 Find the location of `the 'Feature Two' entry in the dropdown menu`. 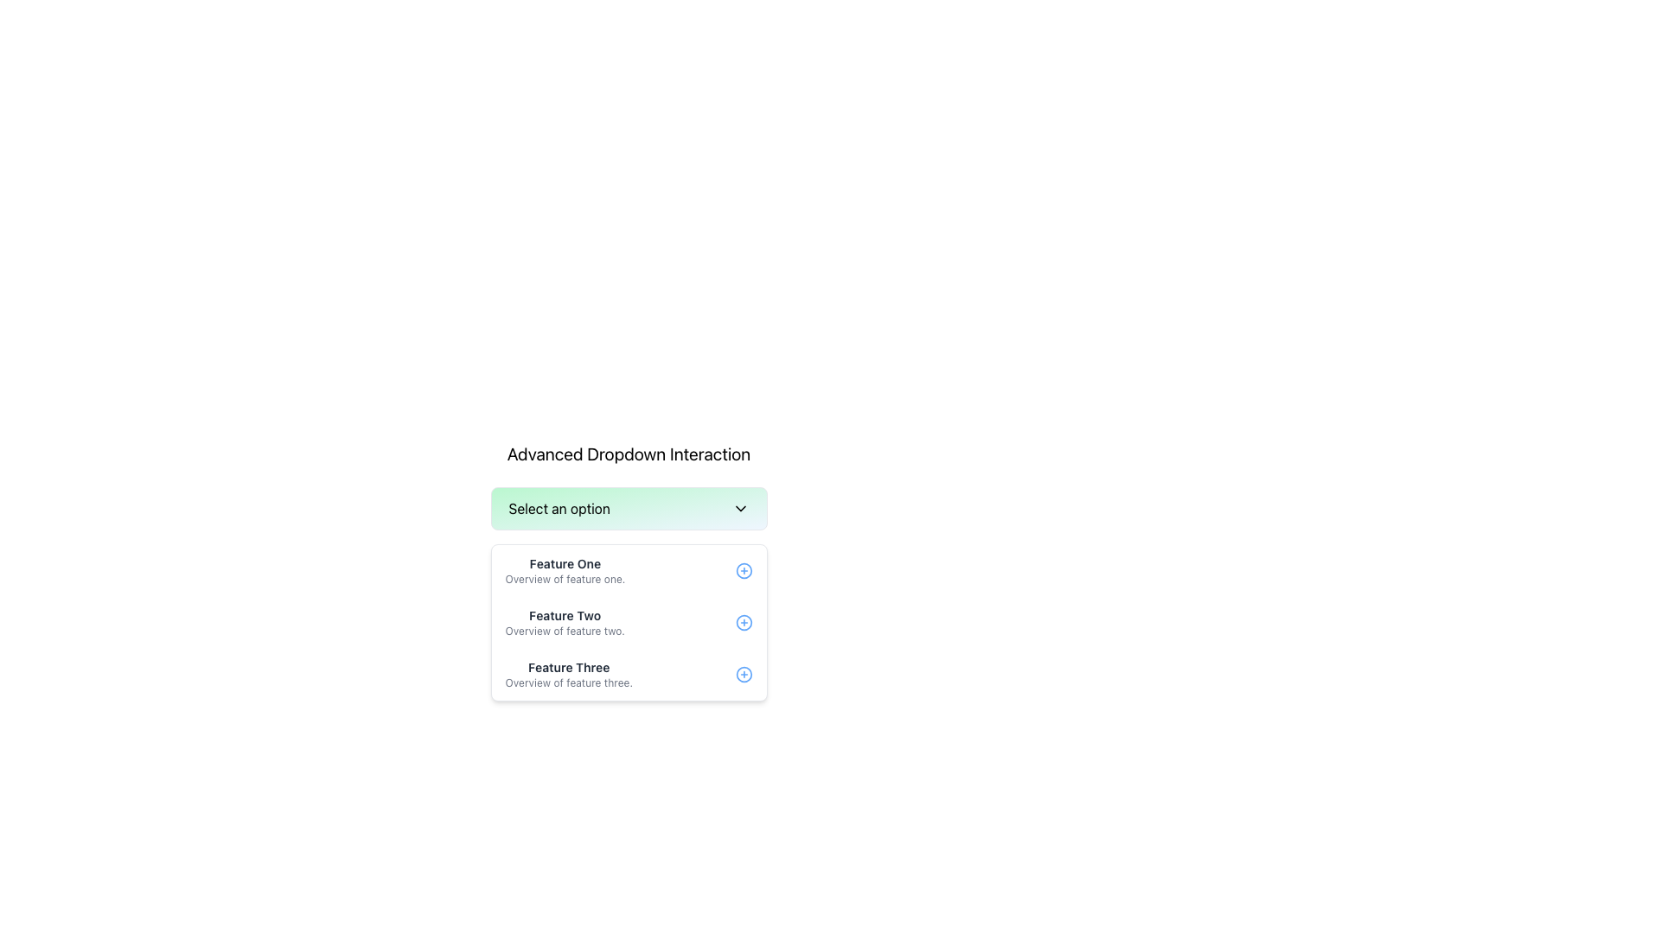

the 'Feature Two' entry in the dropdown menu is located at coordinates (628, 623).